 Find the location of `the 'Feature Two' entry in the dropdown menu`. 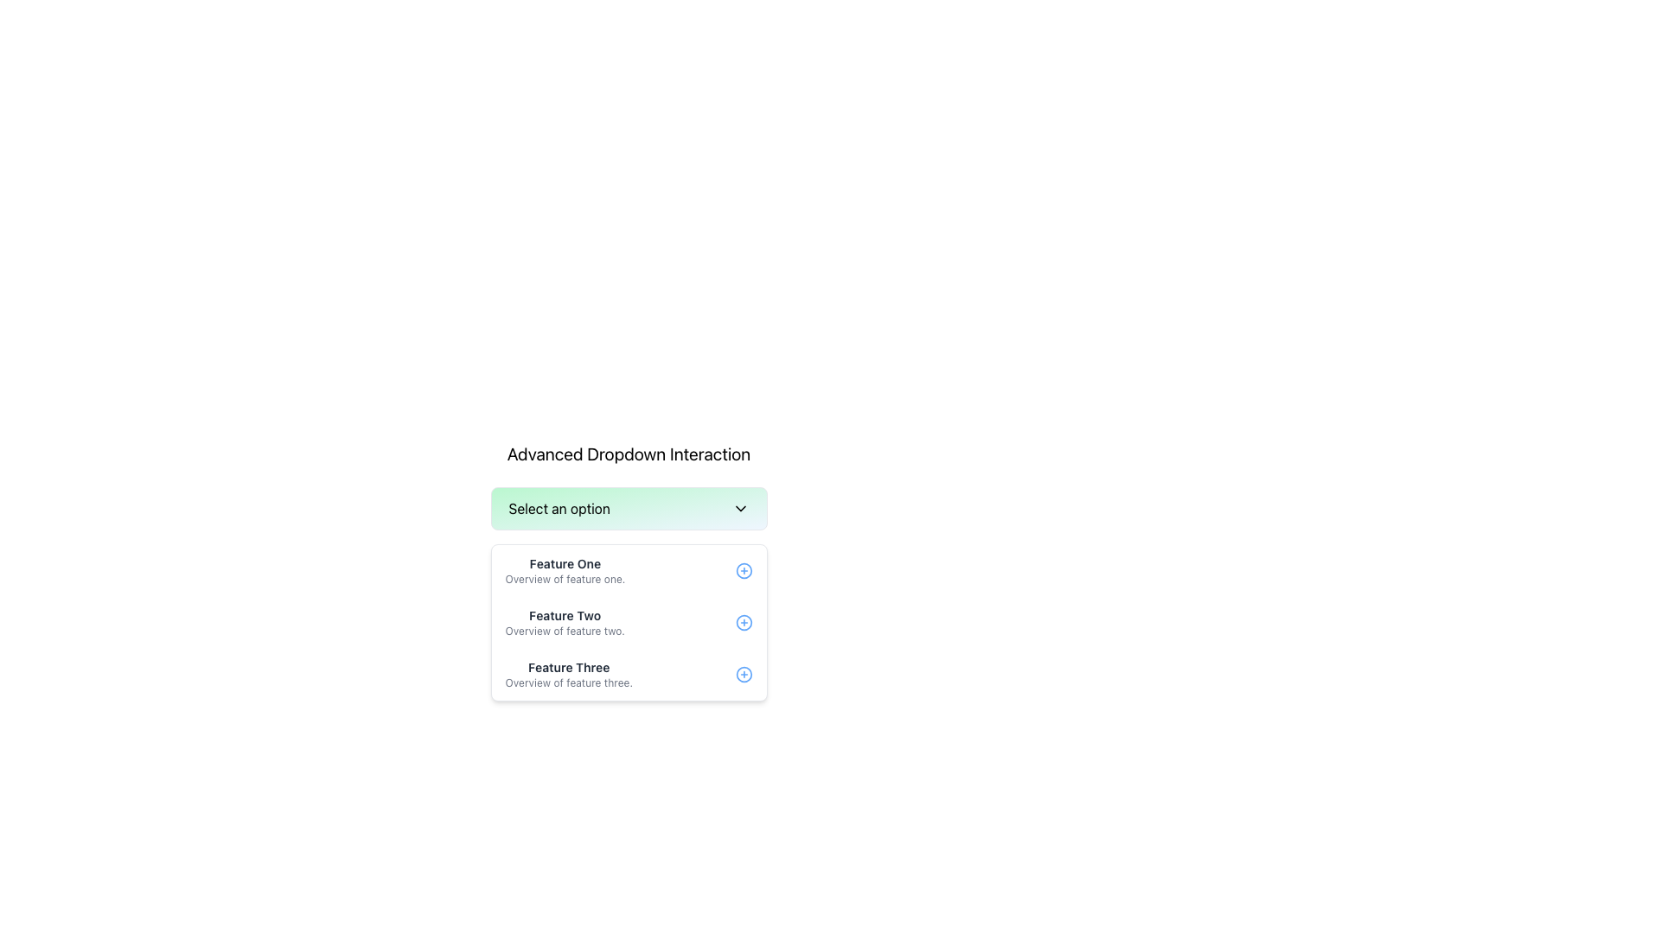

the 'Feature Two' entry in the dropdown menu is located at coordinates (628, 623).